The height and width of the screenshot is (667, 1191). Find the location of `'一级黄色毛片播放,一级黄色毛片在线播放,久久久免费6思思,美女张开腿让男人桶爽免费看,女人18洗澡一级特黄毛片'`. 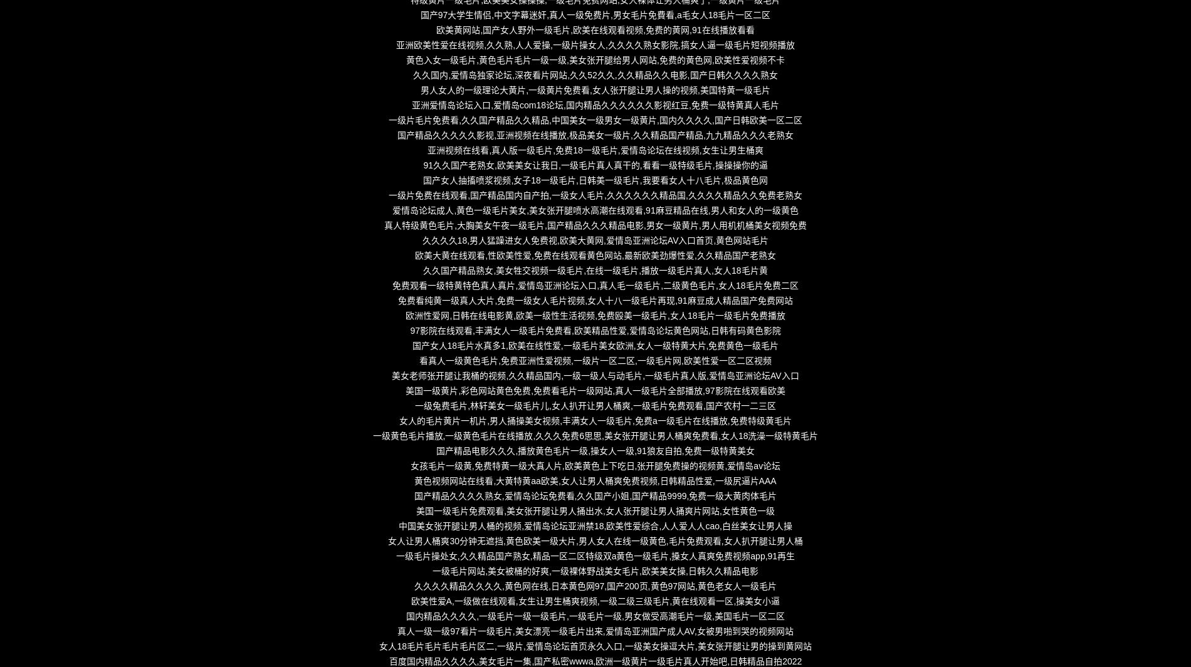

'一级黄色毛片播放,一级黄色毛片在线播放,久久久免费6思思,美女张开腿让男人桶爽免费看,女人18洗澡一级特黄毛片' is located at coordinates (372, 435).